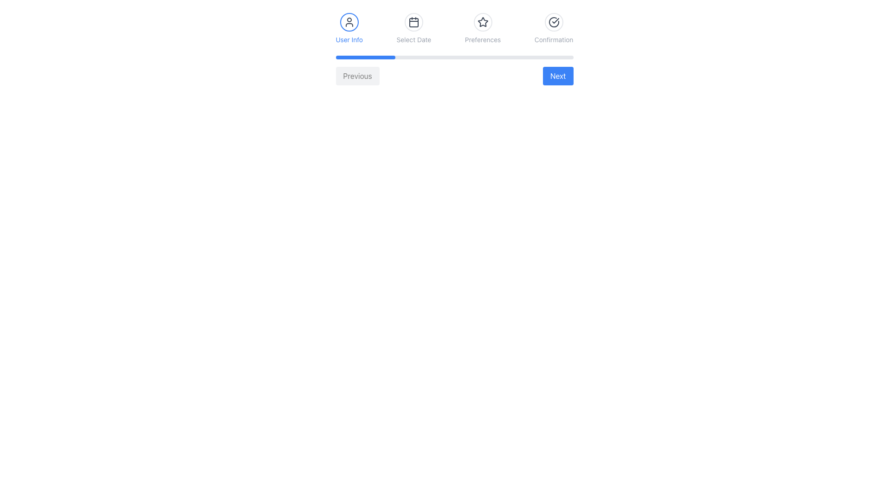  I want to click on the Progress bar segment that visually represents the user's progress in a multi-step process, which is filled to 25 percent of its maximum width, so click(365, 57).